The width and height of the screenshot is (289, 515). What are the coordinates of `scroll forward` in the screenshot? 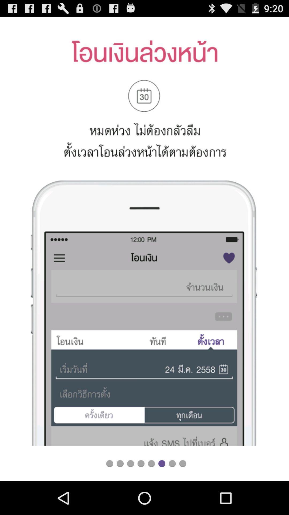 It's located at (130, 463).